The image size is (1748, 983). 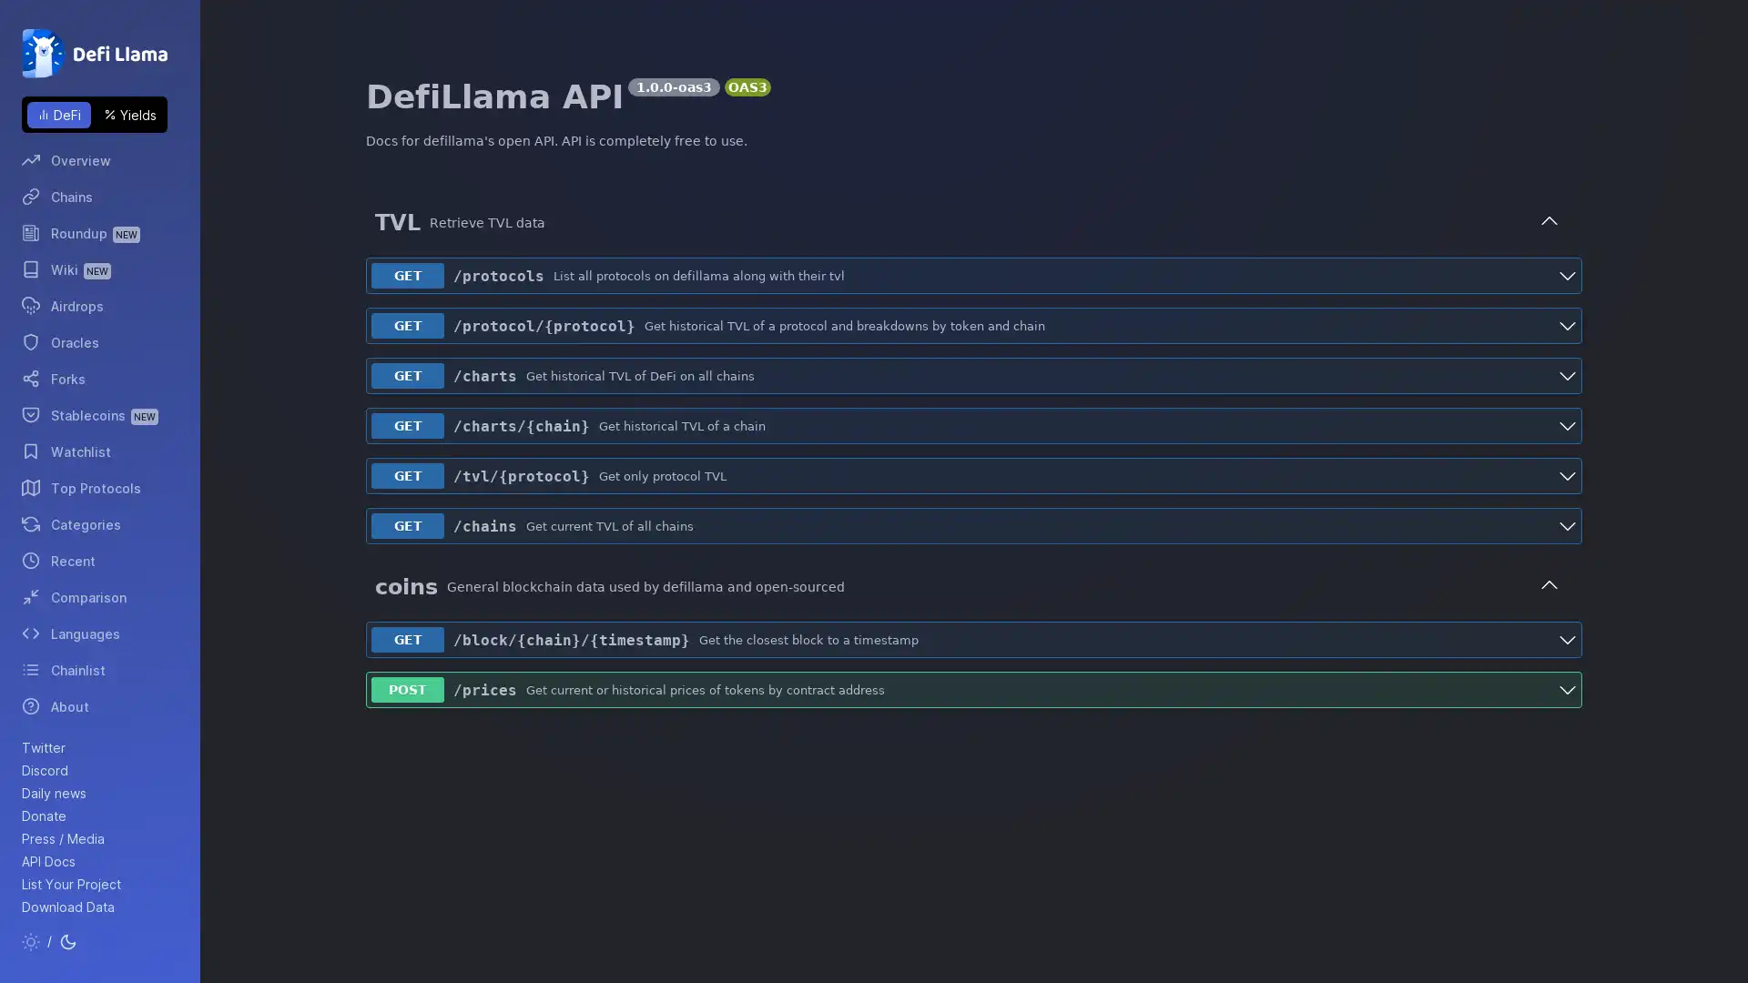 What do you see at coordinates (49, 942) in the screenshot?
I see `/` at bounding box center [49, 942].